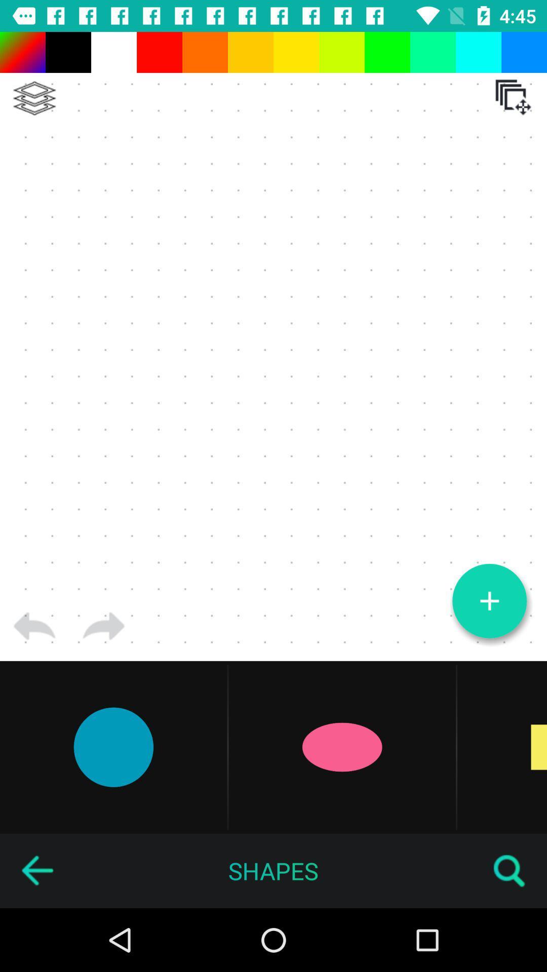  Describe the element at coordinates (36, 870) in the screenshot. I see `the arrow_backward icon` at that location.